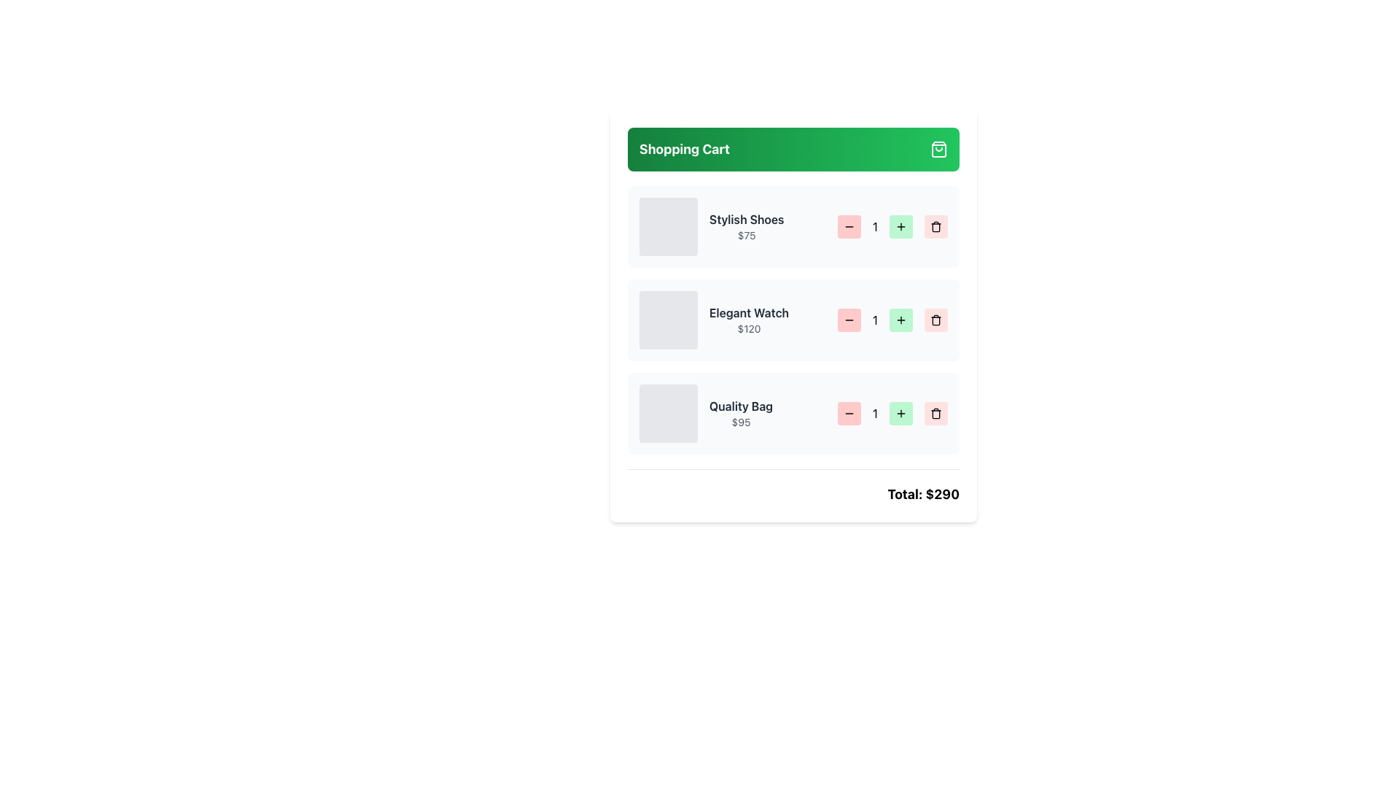 This screenshot has width=1400, height=788. What do you see at coordinates (706, 414) in the screenshot?
I see `the Product Display Card, which is the last item in the shopping cart list` at bounding box center [706, 414].